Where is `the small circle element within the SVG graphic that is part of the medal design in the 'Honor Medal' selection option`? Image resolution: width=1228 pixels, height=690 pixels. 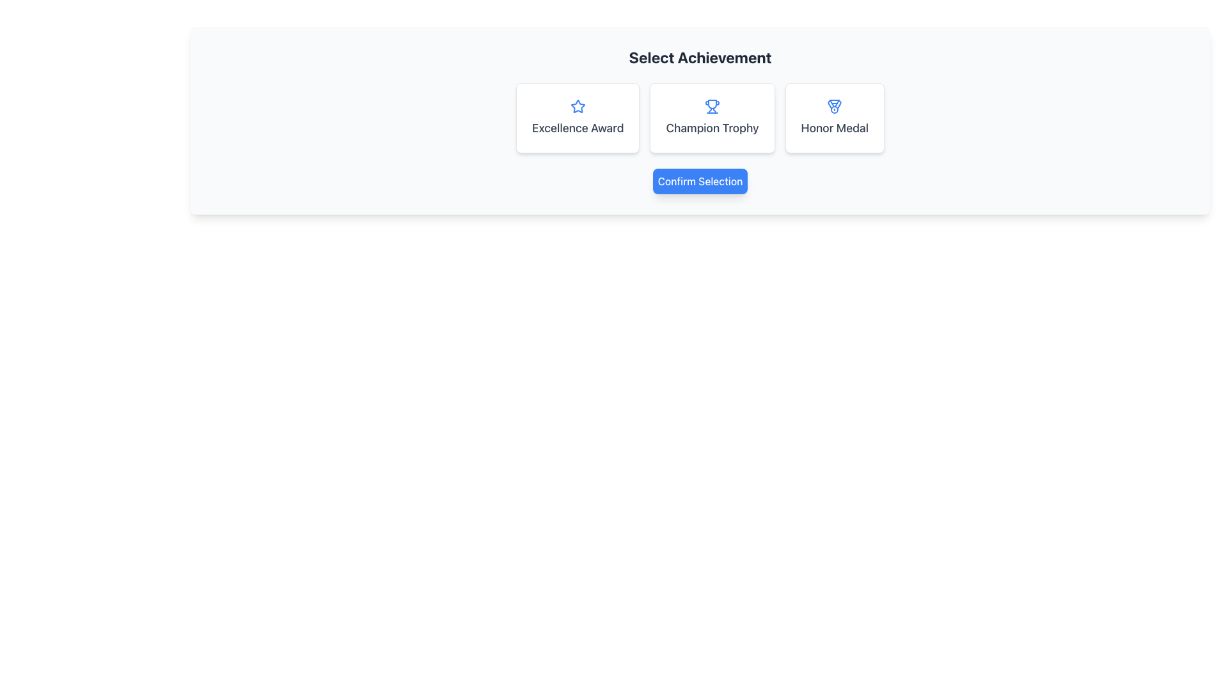 the small circle element within the SVG graphic that is part of the medal design in the 'Honor Medal' selection option is located at coordinates (835, 109).